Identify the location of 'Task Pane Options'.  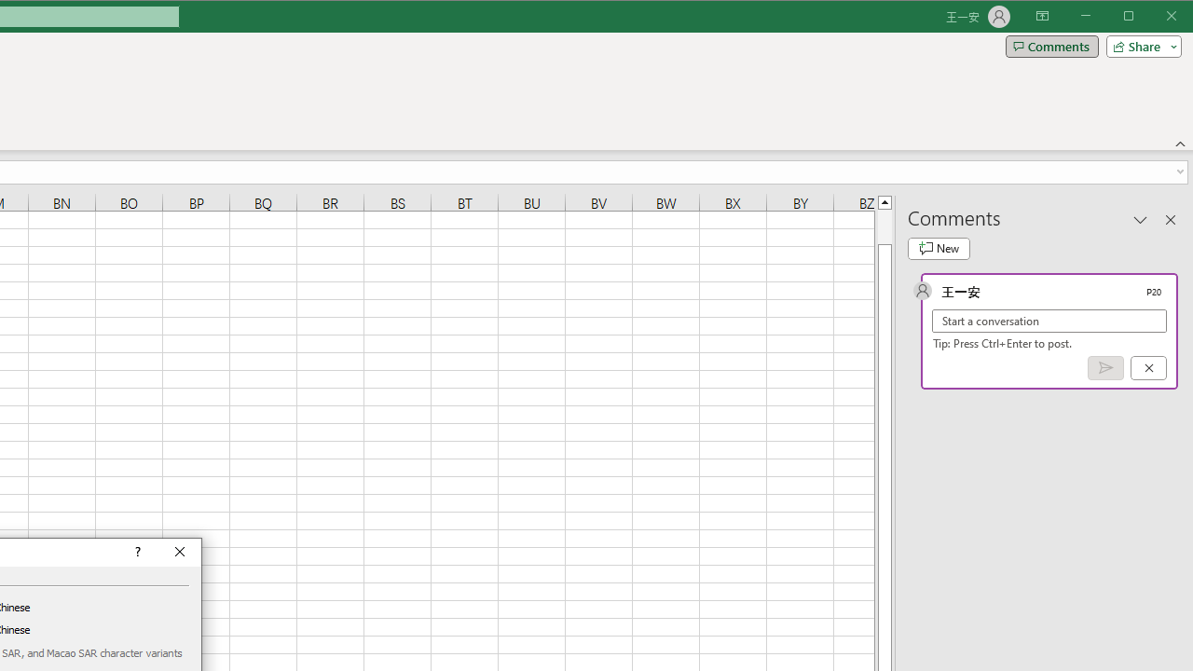
(1140, 218).